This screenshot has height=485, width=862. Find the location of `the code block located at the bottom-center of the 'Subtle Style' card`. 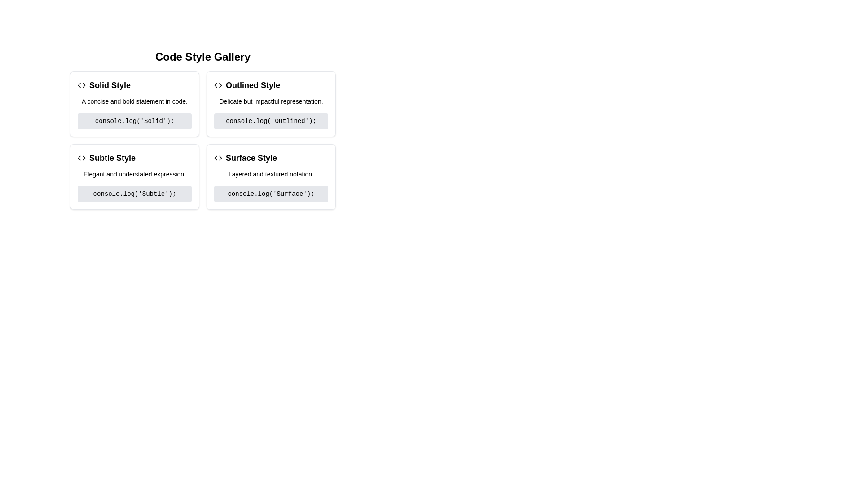

the code block located at the bottom-center of the 'Subtle Style' card is located at coordinates (134, 194).